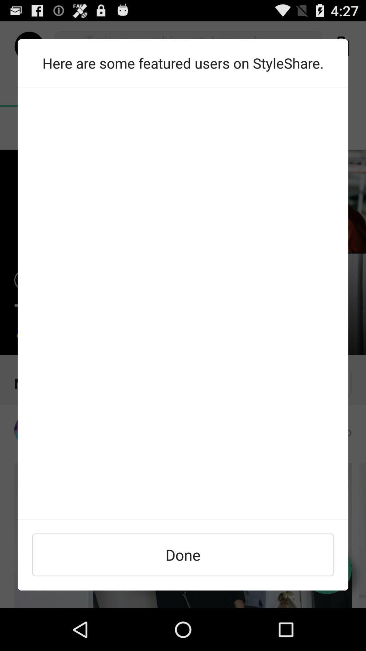 This screenshot has width=366, height=651. Describe the element at coordinates (183, 555) in the screenshot. I see `done` at that location.